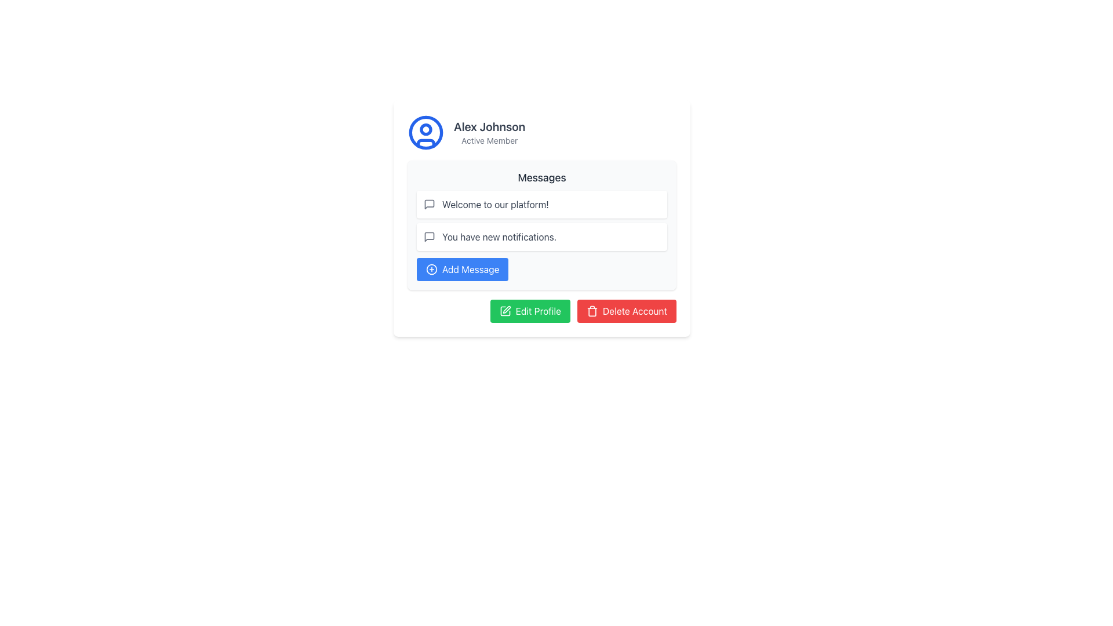  I want to click on the second notification card in the 'Messages' section, which contains the text 'You have new notifications.' and a speech bubble icon, so click(541, 236).